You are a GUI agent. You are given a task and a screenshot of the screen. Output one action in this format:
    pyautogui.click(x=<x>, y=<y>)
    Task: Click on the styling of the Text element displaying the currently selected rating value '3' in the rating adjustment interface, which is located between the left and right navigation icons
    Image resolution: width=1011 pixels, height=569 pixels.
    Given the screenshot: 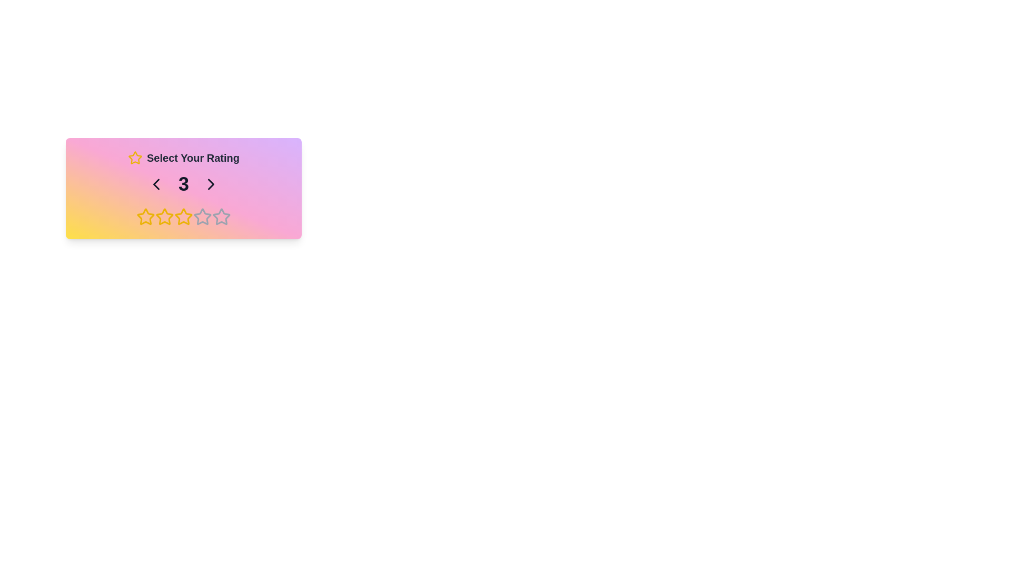 What is the action you would take?
    pyautogui.click(x=184, y=184)
    